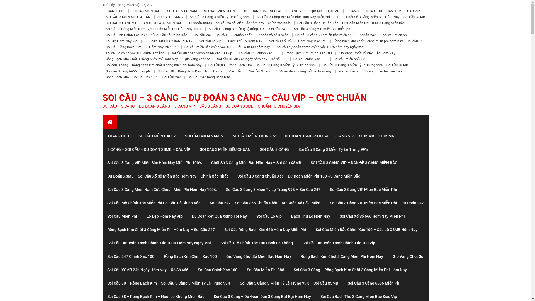  I want to click on 'soi cau mien phi', so click(395, 35).